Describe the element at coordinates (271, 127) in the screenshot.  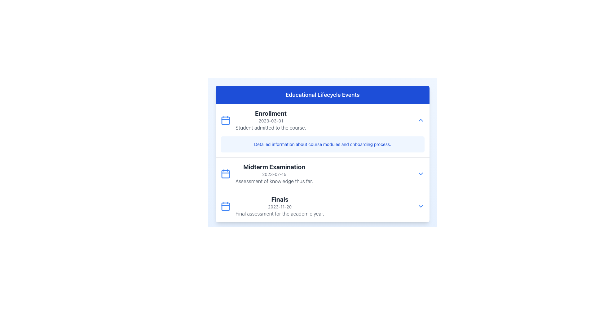
I see `the static text displaying 'Student admitted to the course.' located in the 'Educational Lifecycle Events' panel, which is part of the Enrollment entry beneath the date '2023-03-01'` at that location.